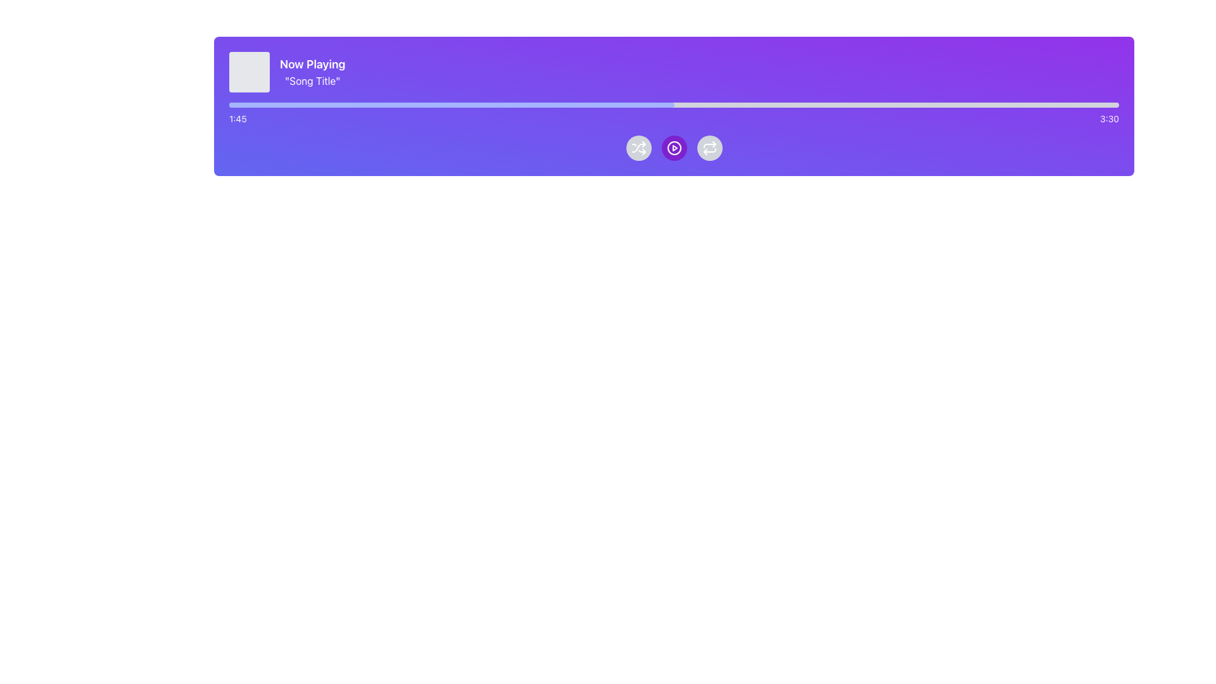 The height and width of the screenshot is (684, 1216). Describe the element at coordinates (638, 148) in the screenshot. I see `the circular shuffle button with a gray background and an intersecting arrow paths icon` at that location.